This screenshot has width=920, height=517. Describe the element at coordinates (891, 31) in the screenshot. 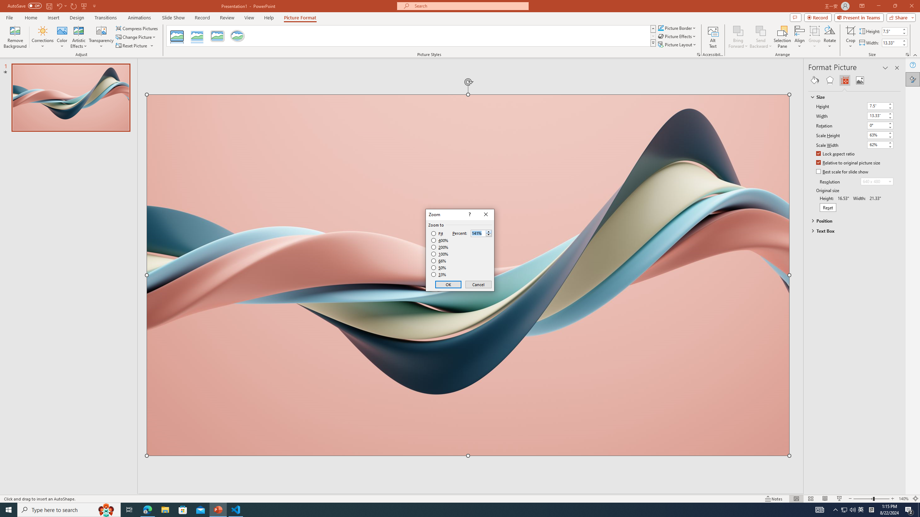

I see `'Shape Height'` at that location.